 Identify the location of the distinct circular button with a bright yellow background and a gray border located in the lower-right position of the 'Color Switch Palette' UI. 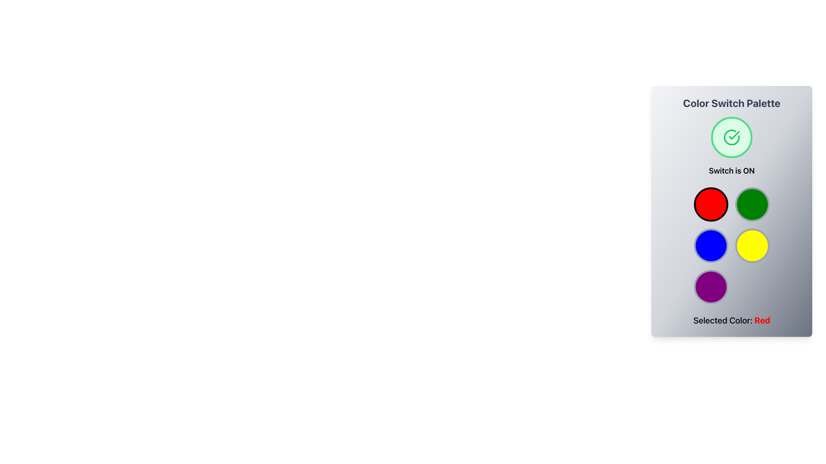
(752, 245).